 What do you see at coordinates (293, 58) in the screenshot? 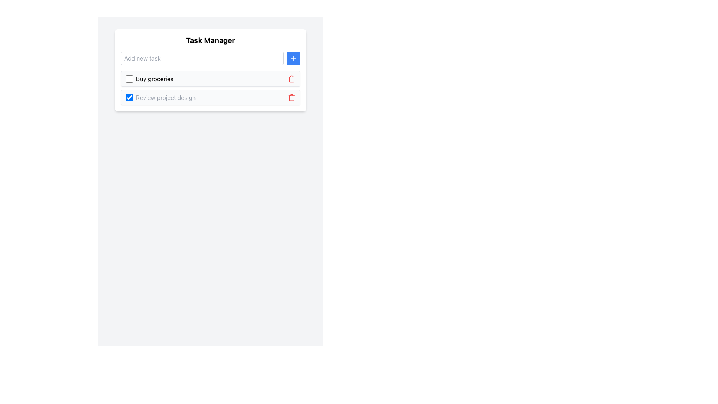
I see `the blue button with a white plus icon located at the right end of the top bar` at bounding box center [293, 58].